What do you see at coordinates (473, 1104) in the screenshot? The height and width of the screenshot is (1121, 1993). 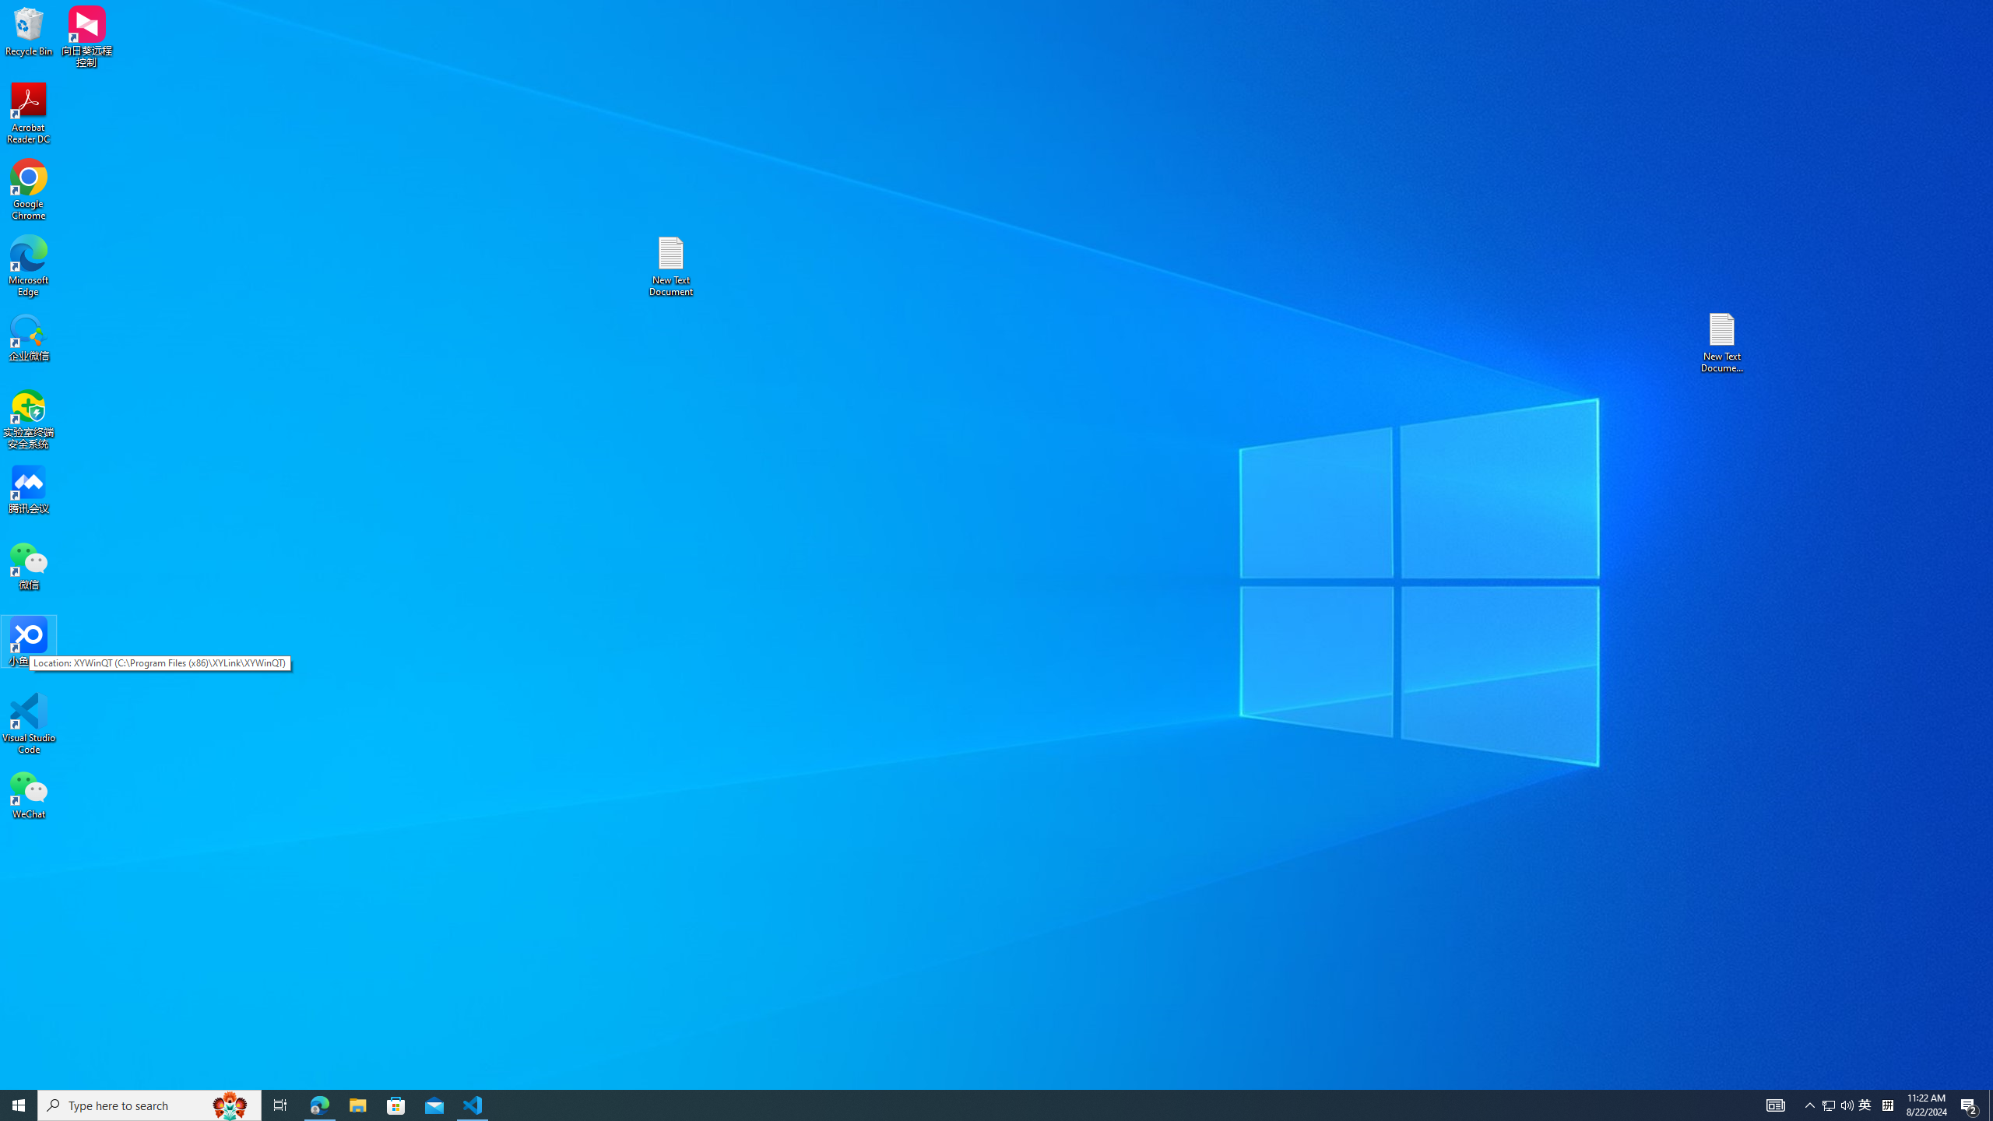 I see `'Visual Studio Code - 1 running window'` at bounding box center [473, 1104].